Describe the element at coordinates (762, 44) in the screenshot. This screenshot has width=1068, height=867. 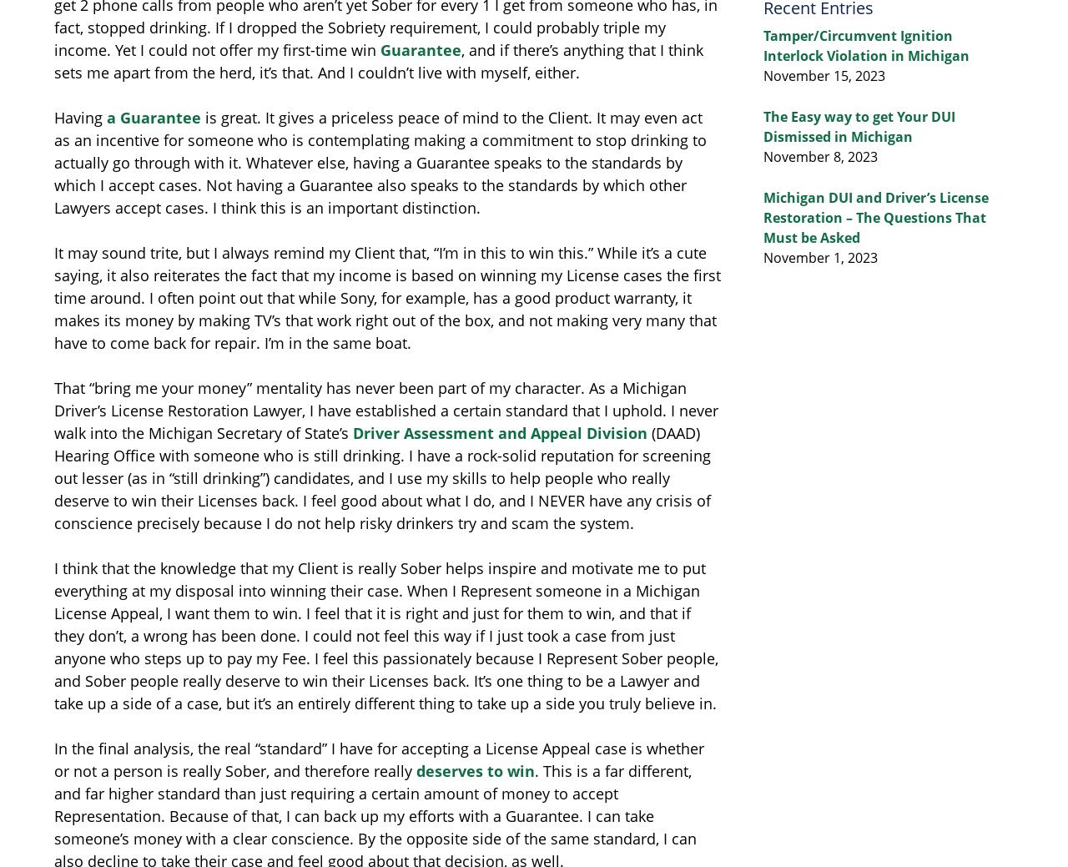
I see `'Tamper/Circumvent Ignition Interlock Violation in Michigan'` at that location.